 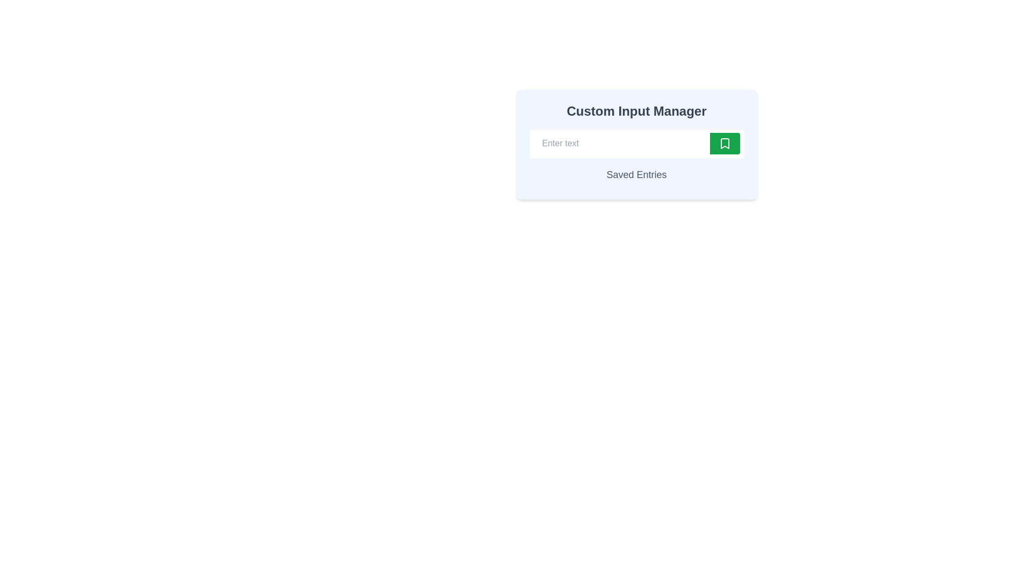 I want to click on the bookmark icon, which is embedded within a green square, within the Custom Input Manager section of the interface, so click(x=725, y=143).